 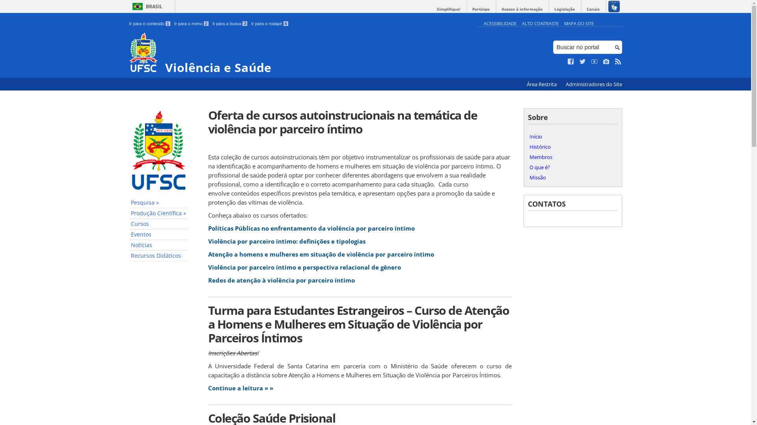 What do you see at coordinates (499, 23) in the screenshot?
I see `'ACESSIBILIDADE'` at bounding box center [499, 23].